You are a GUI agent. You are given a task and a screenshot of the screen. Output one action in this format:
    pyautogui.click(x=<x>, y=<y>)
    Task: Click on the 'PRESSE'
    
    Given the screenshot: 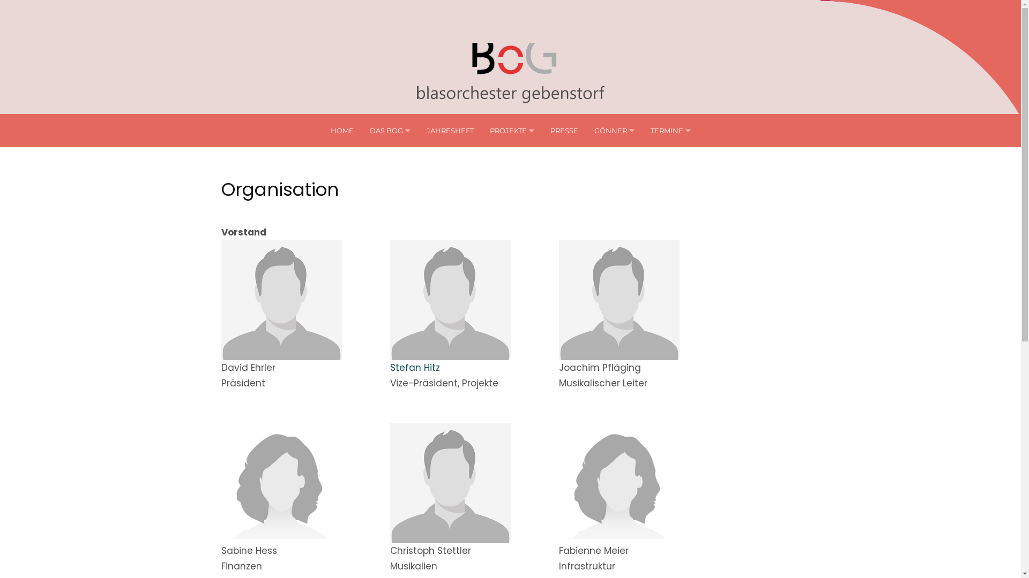 What is the action you would take?
    pyautogui.click(x=563, y=130)
    